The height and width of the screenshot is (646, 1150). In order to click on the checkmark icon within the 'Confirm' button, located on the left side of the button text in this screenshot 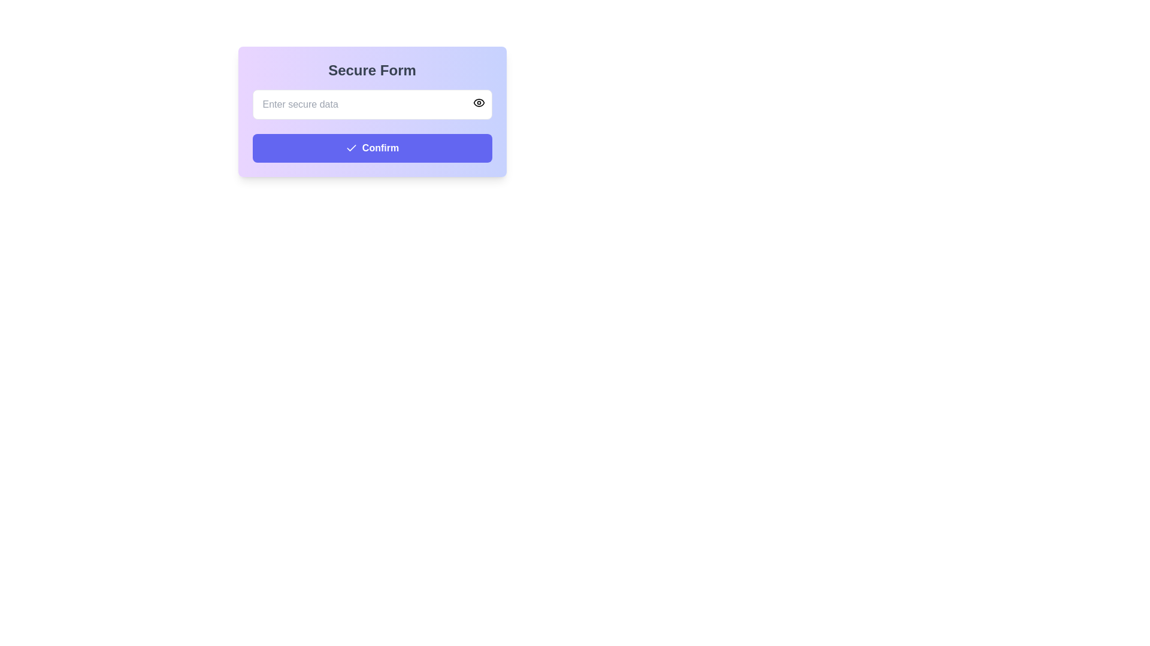, I will do `click(350, 147)`.